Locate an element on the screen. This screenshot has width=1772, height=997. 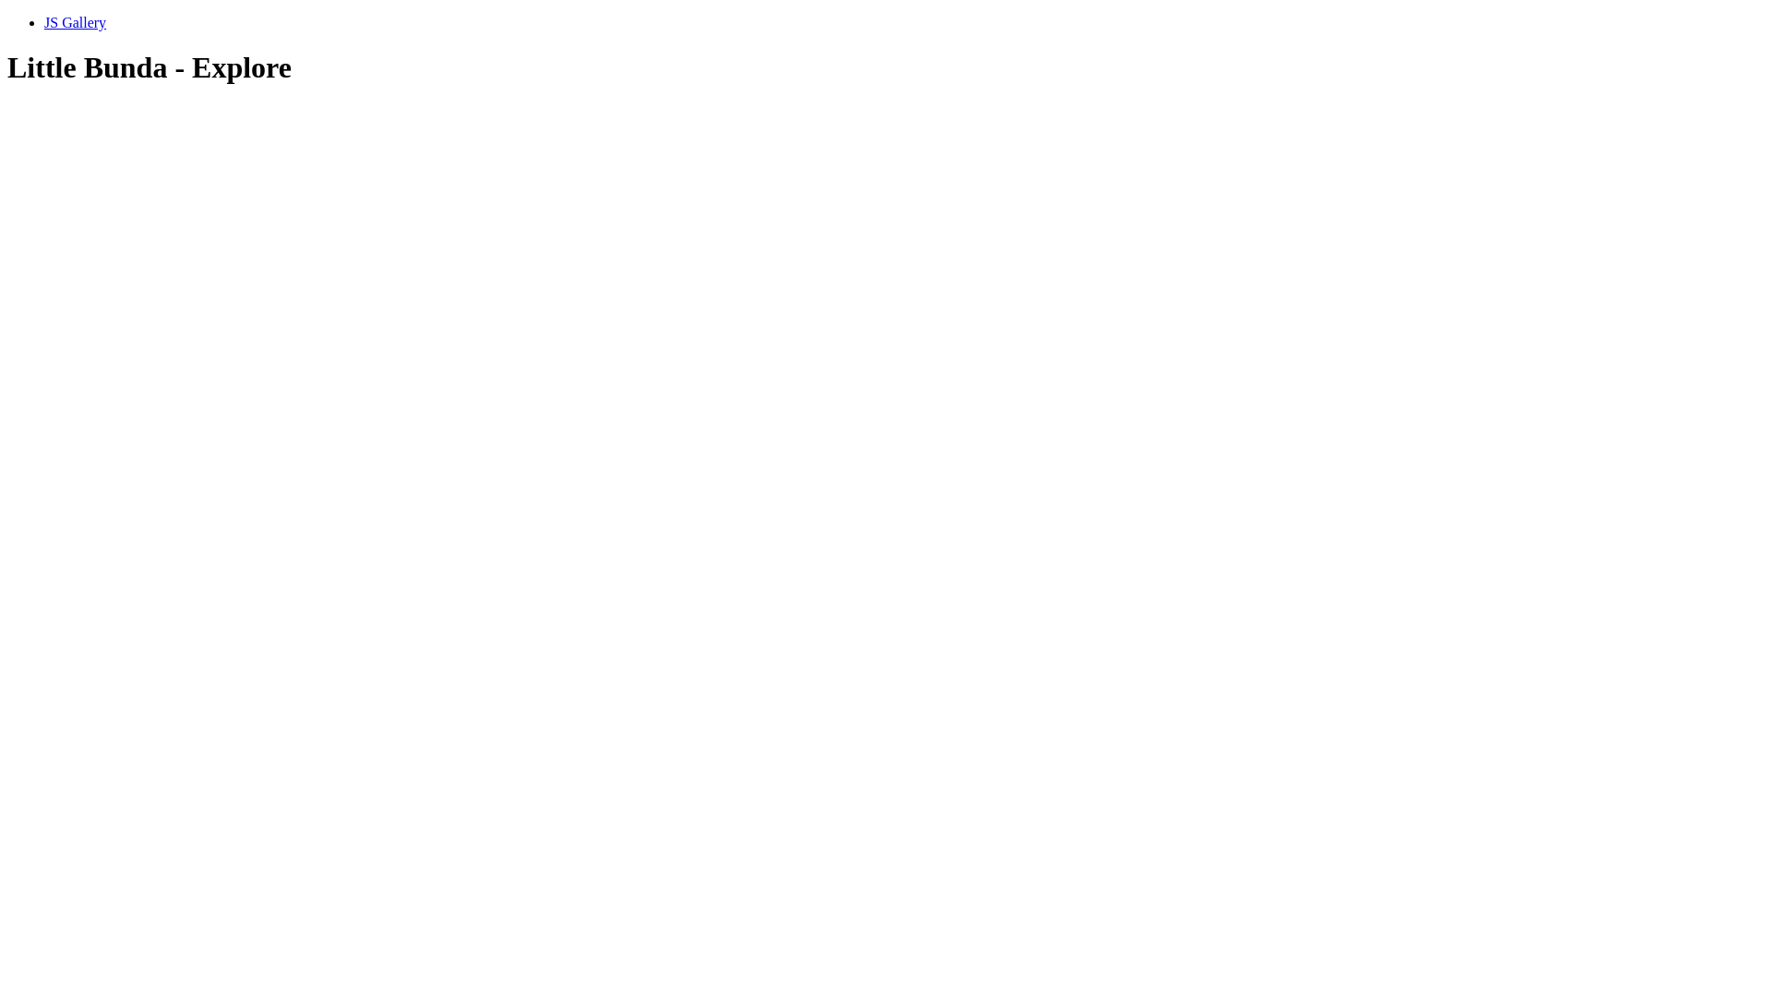
'JS Gallery' is located at coordinates (74, 22).